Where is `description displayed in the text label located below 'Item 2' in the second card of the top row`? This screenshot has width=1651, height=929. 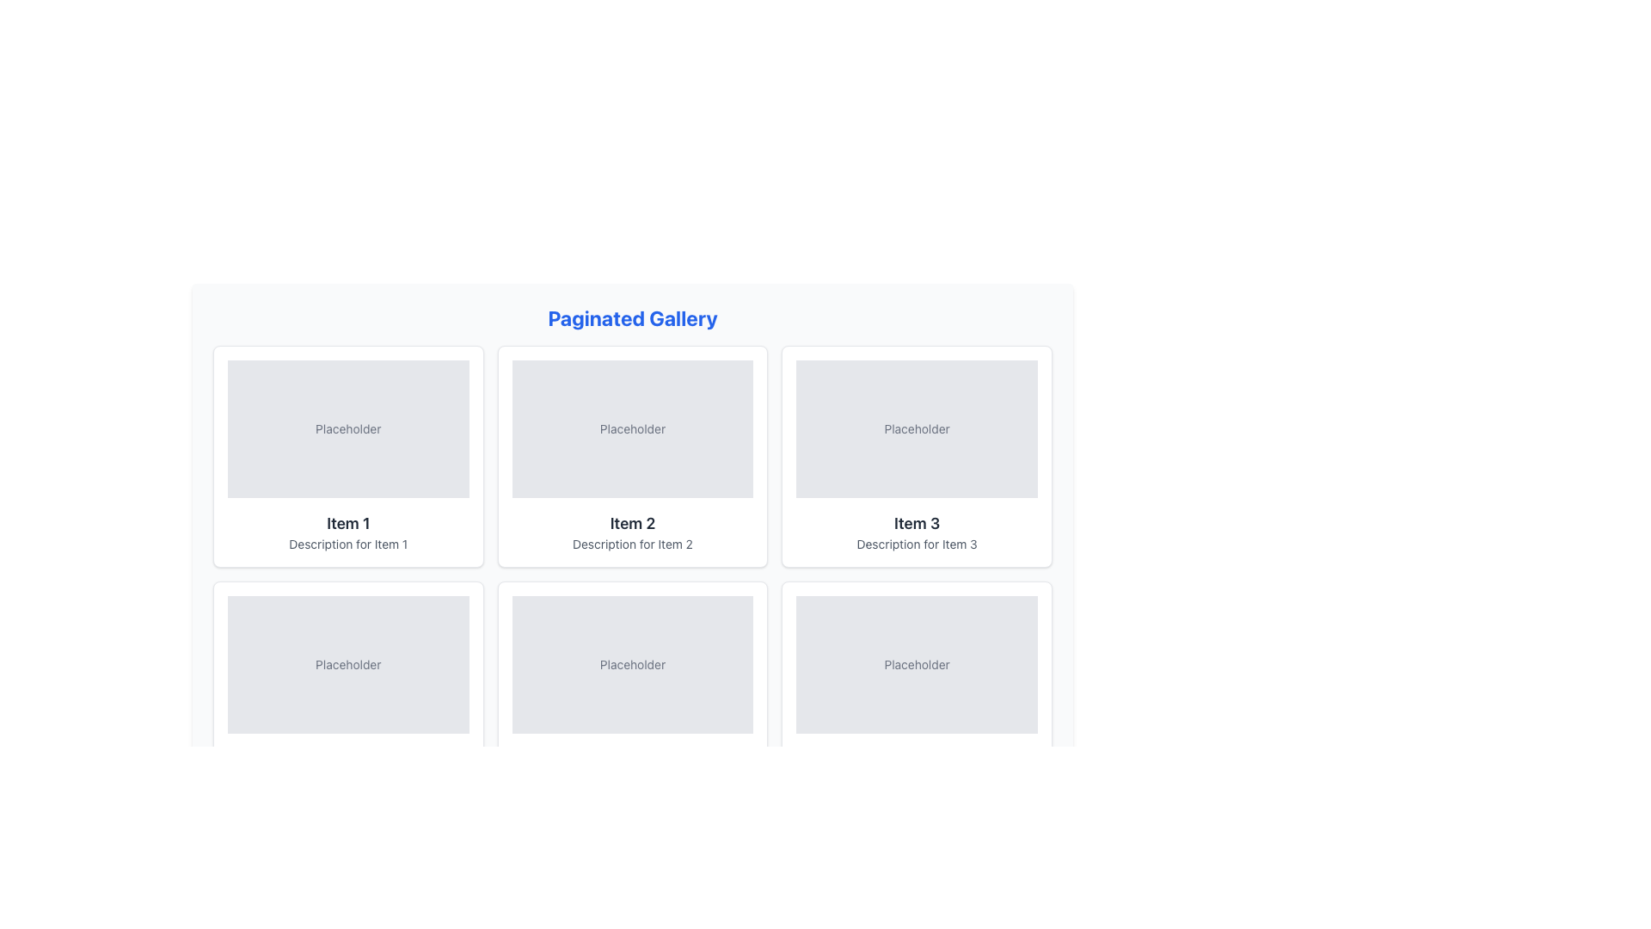
description displayed in the text label located below 'Item 2' in the second card of the top row is located at coordinates (631, 544).